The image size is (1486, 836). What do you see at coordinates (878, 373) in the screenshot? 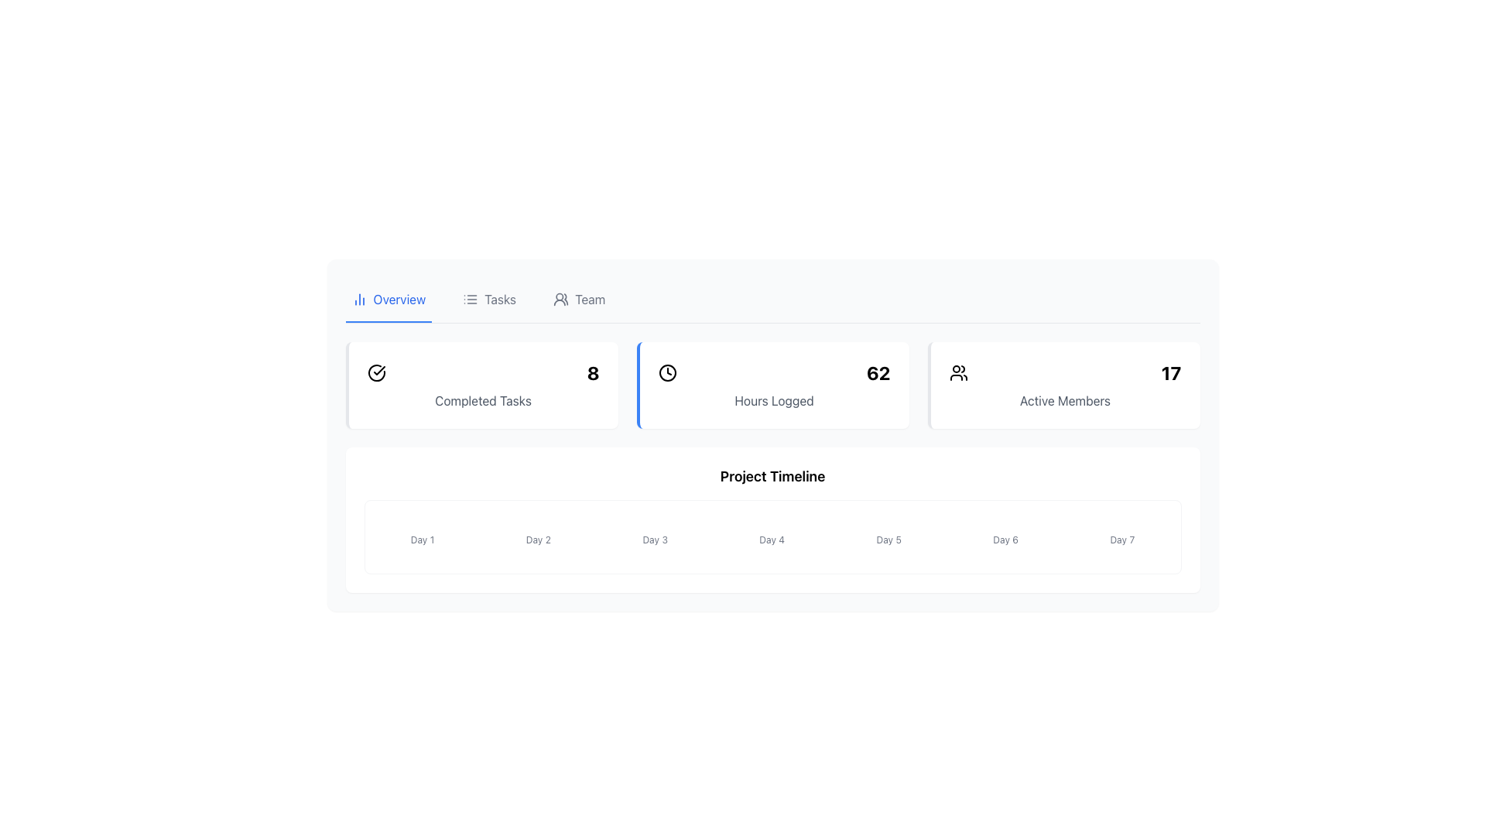
I see `the static text label displaying the number '62', which is bold and large, located at the rightmost edge of the second segment of the row adjacent to a clock icon` at bounding box center [878, 373].